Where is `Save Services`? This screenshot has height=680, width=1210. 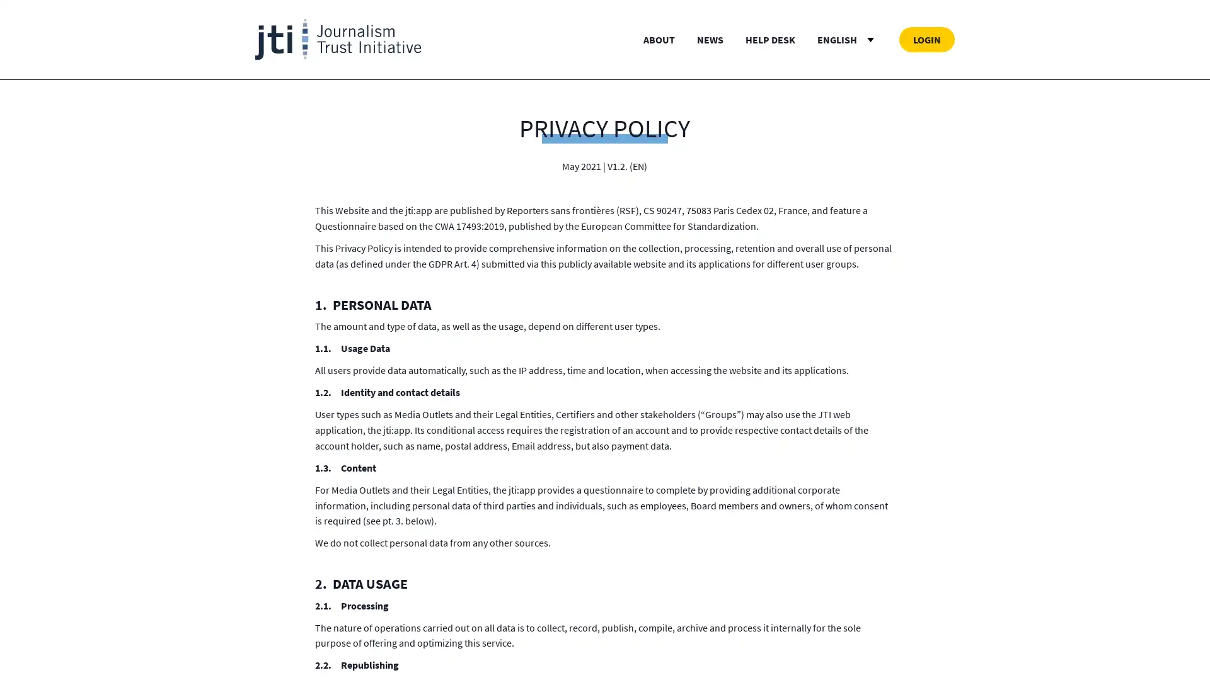 Save Services is located at coordinates (480, 412).